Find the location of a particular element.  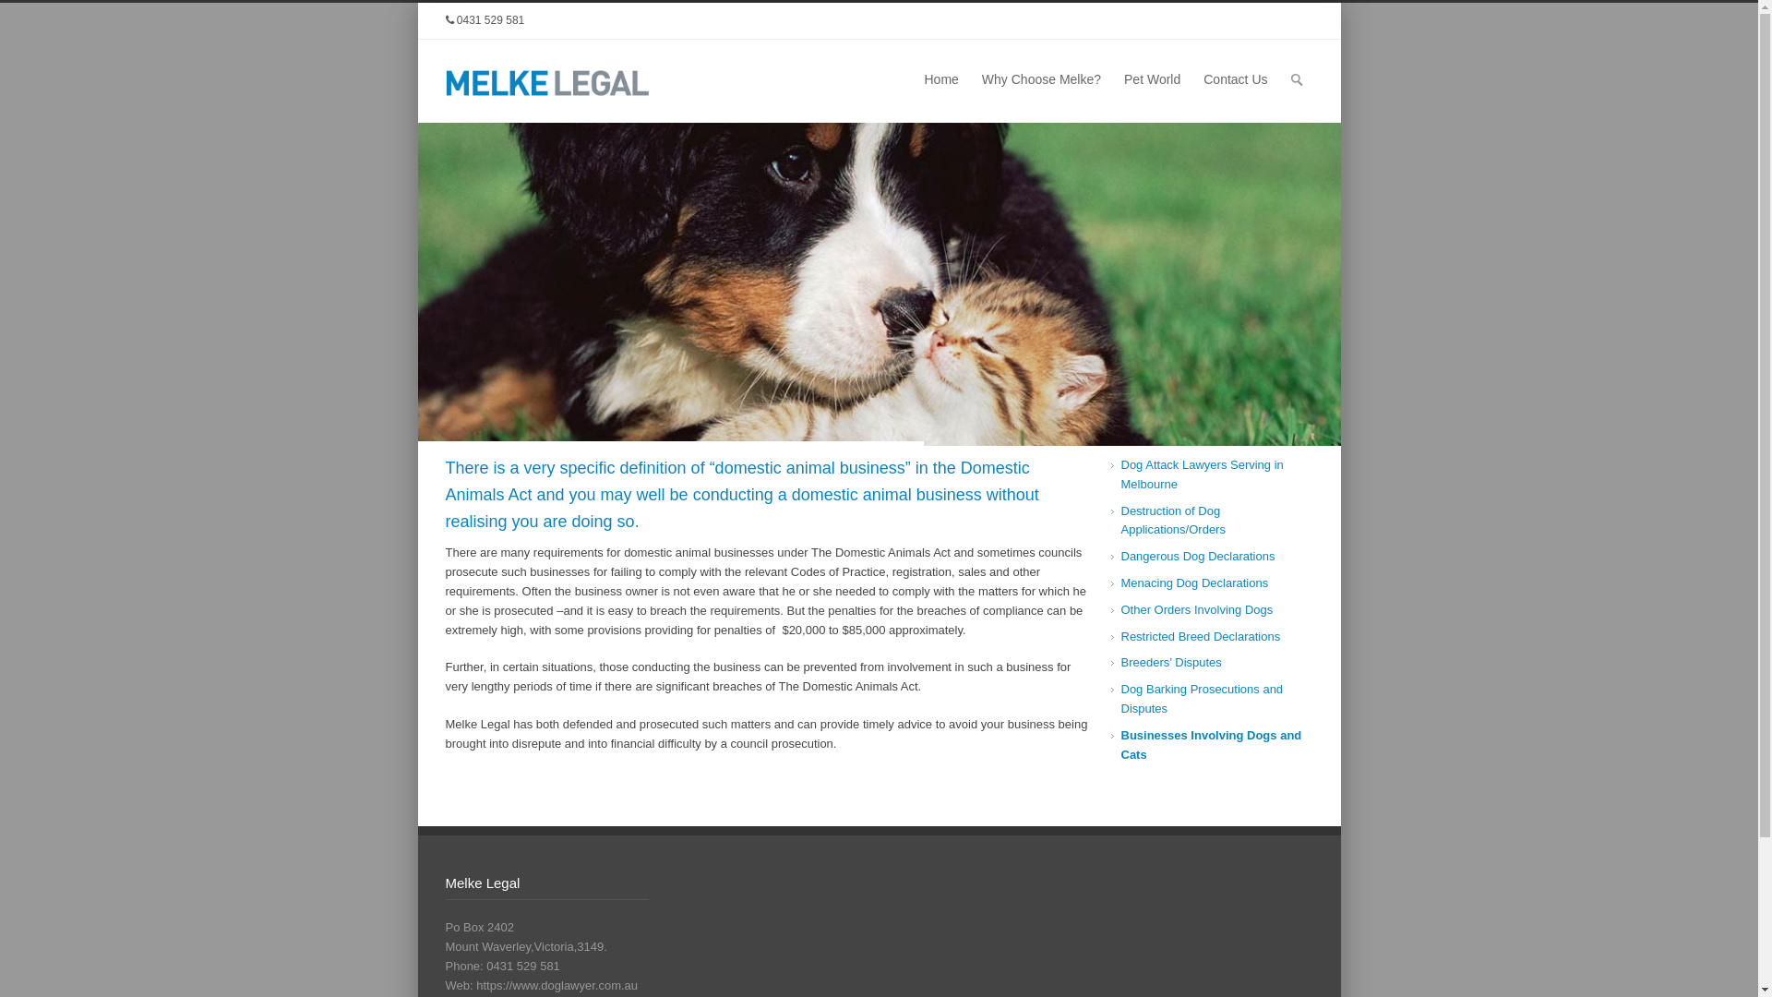

'Why Choose Melke?' is located at coordinates (976, 80).